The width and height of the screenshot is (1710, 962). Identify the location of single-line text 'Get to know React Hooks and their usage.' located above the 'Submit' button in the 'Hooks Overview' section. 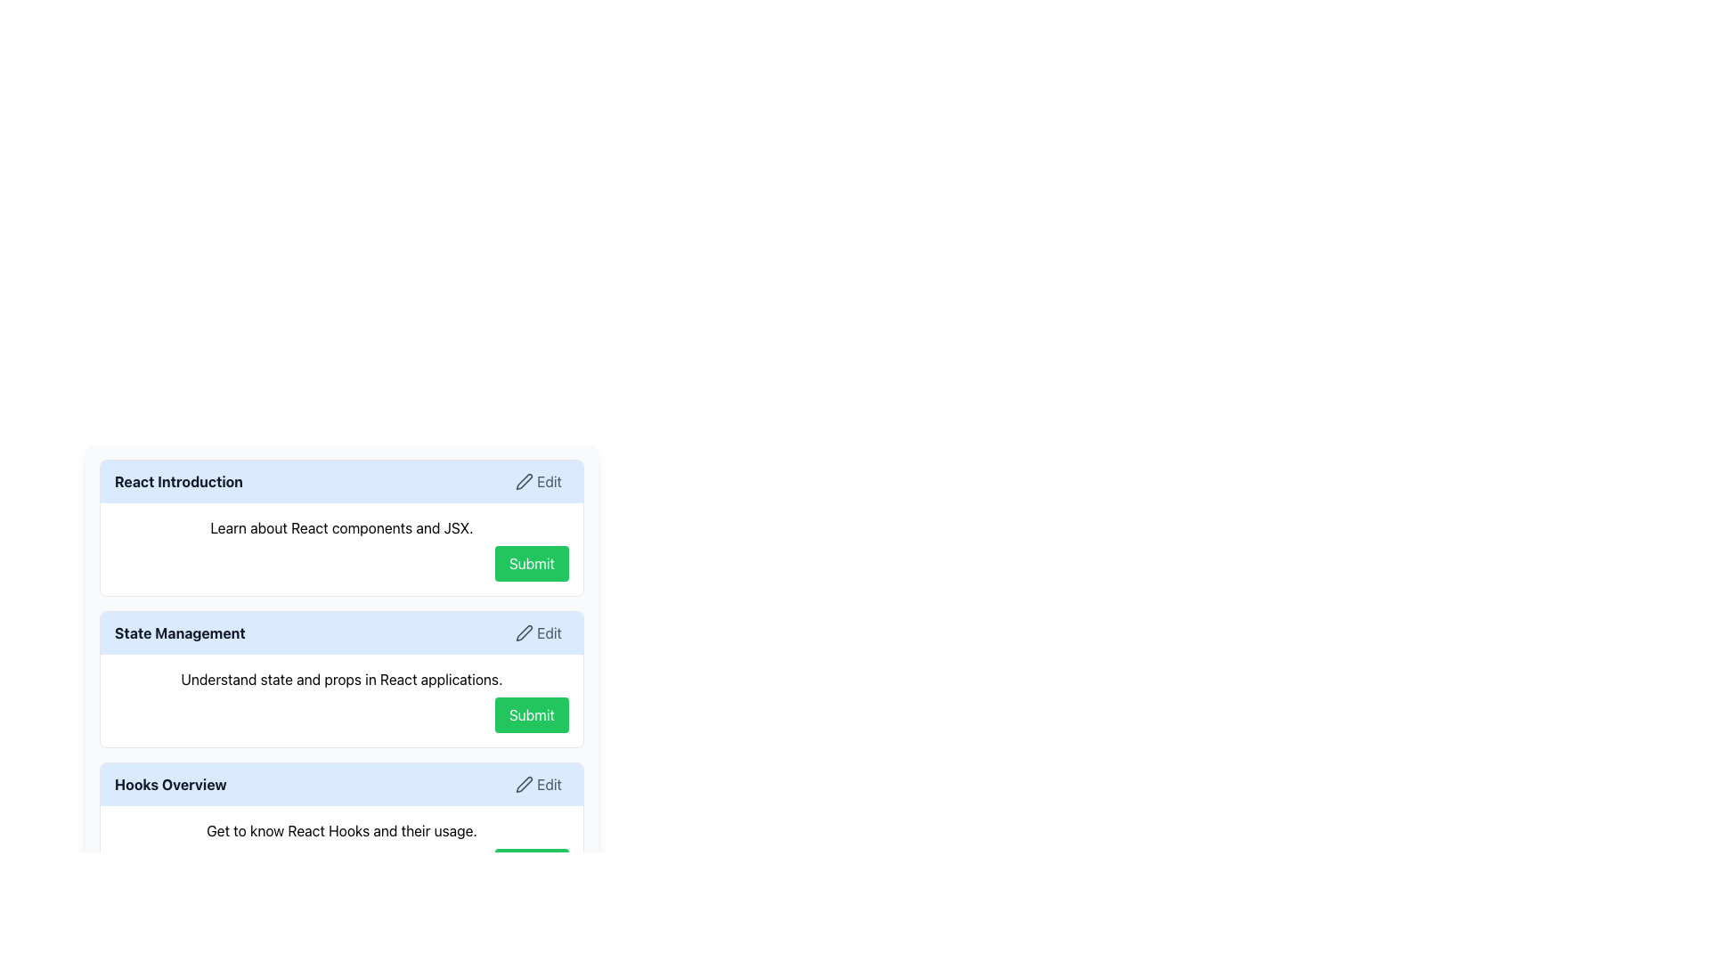
(342, 831).